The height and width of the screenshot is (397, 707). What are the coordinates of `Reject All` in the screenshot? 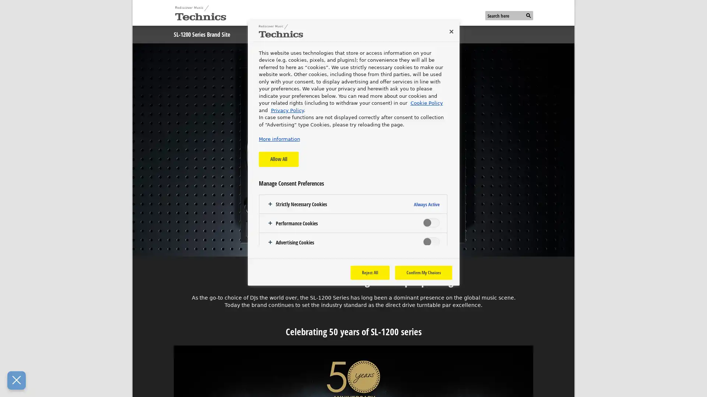 It's located at (369, 272).